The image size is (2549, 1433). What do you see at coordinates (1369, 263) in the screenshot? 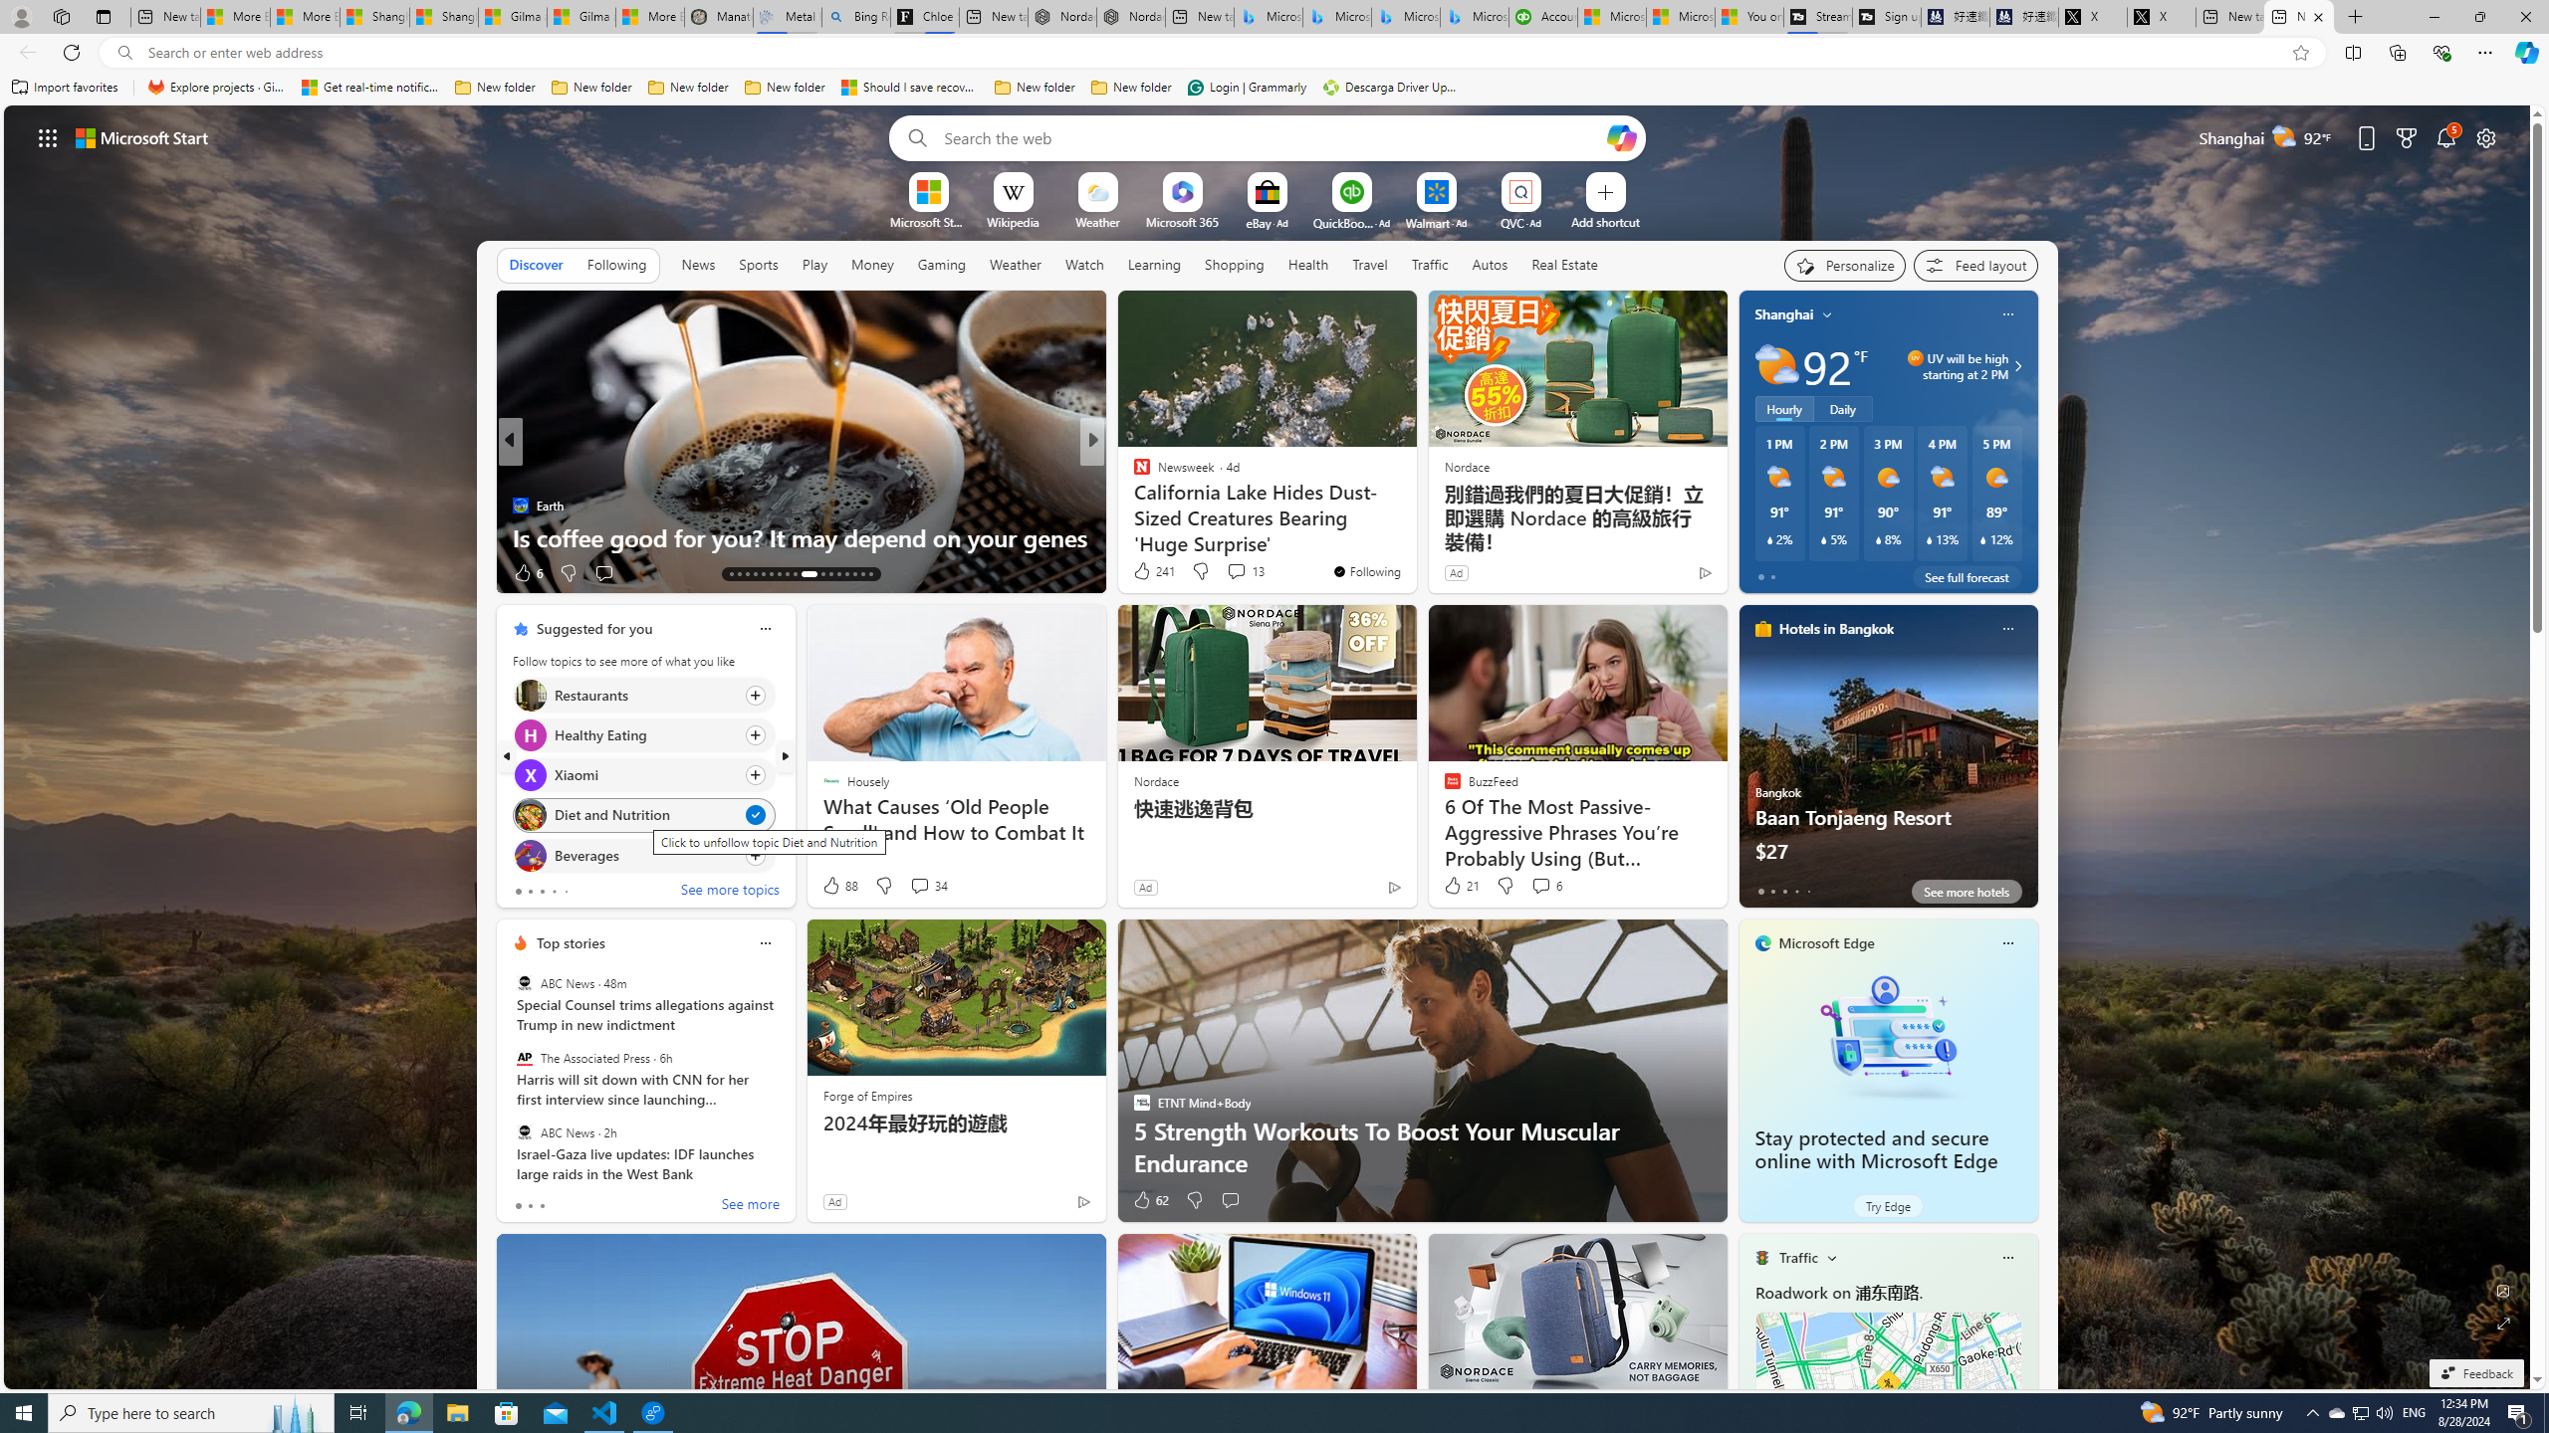
I see `'Travel'` at bounding box center [1369, 263].